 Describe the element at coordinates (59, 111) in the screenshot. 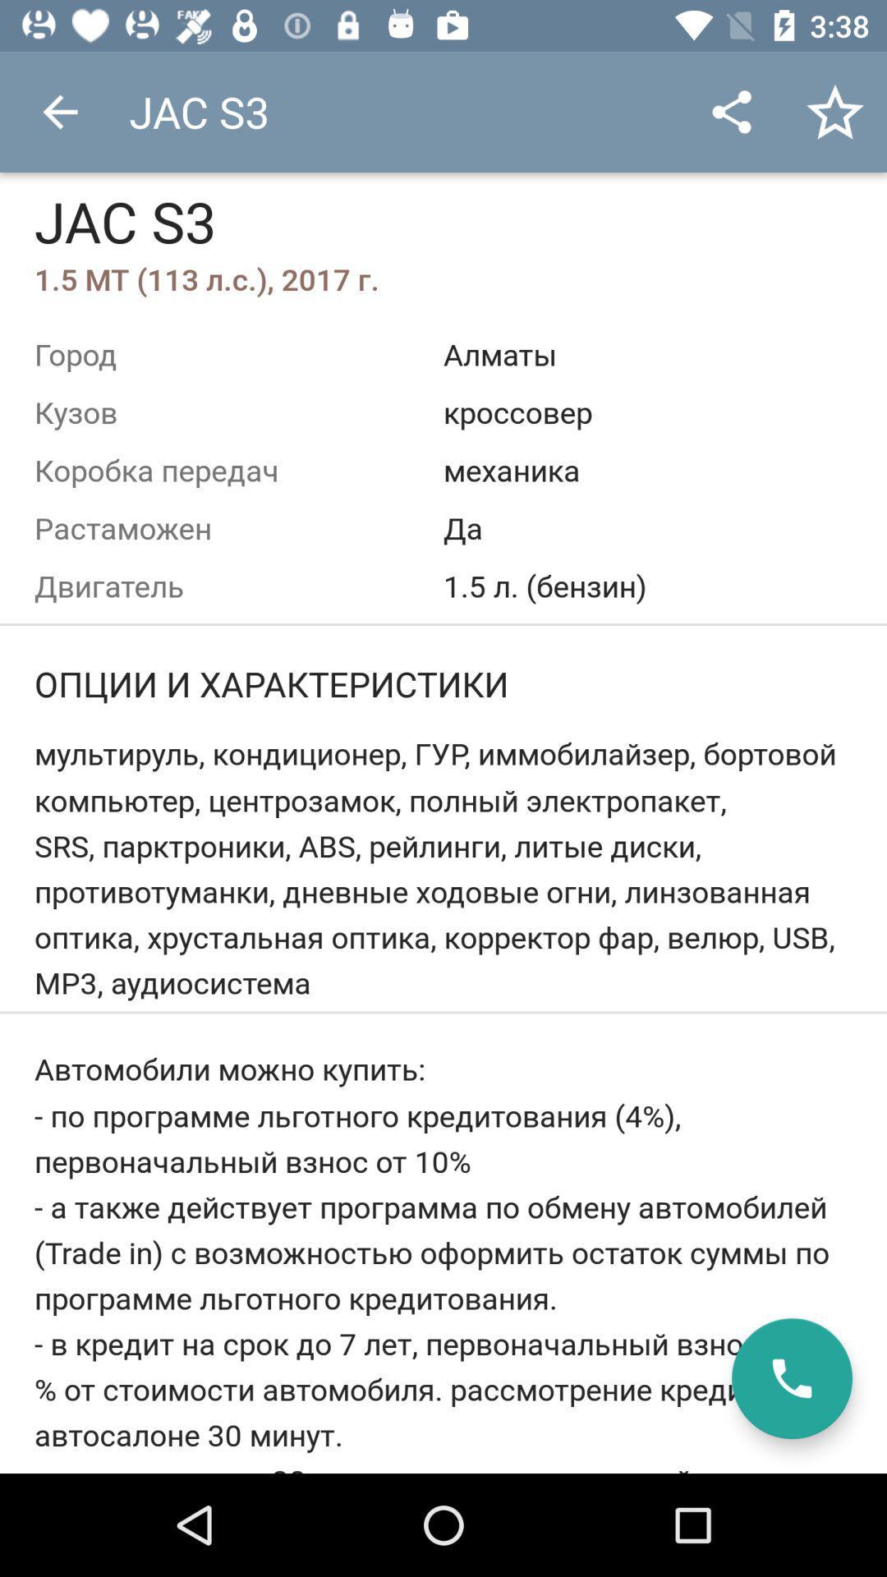

I see `item above jac s3 item` at that location.